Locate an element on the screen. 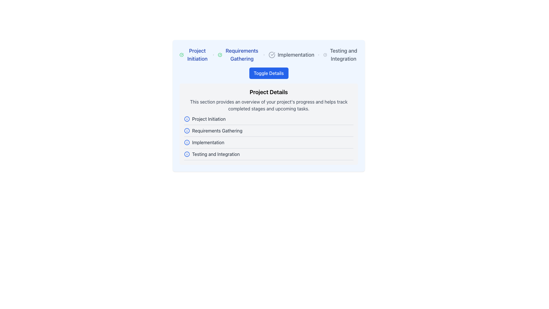  the SVG circle component with a blue border located inside the first item's icon area, above the text 'Project Initiation' is located at coordinates (187, 119).